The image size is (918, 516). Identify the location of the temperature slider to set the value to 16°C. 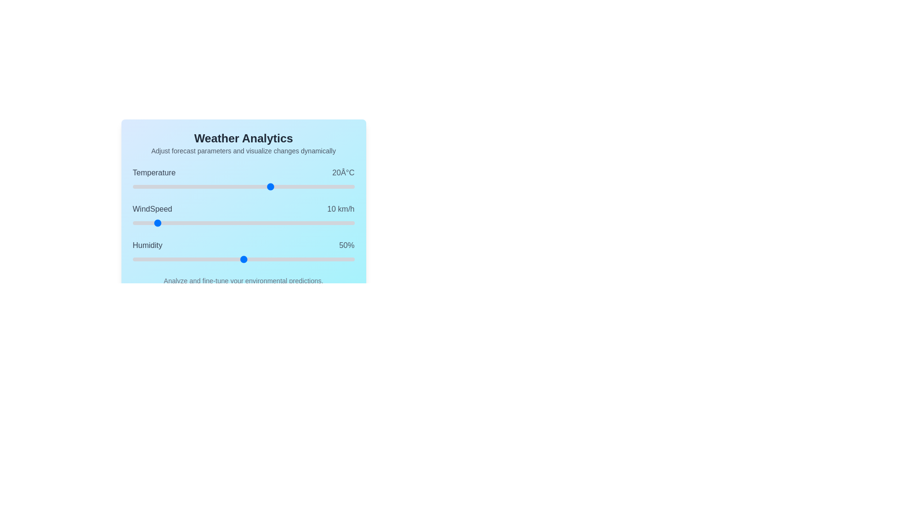
(260, 186).